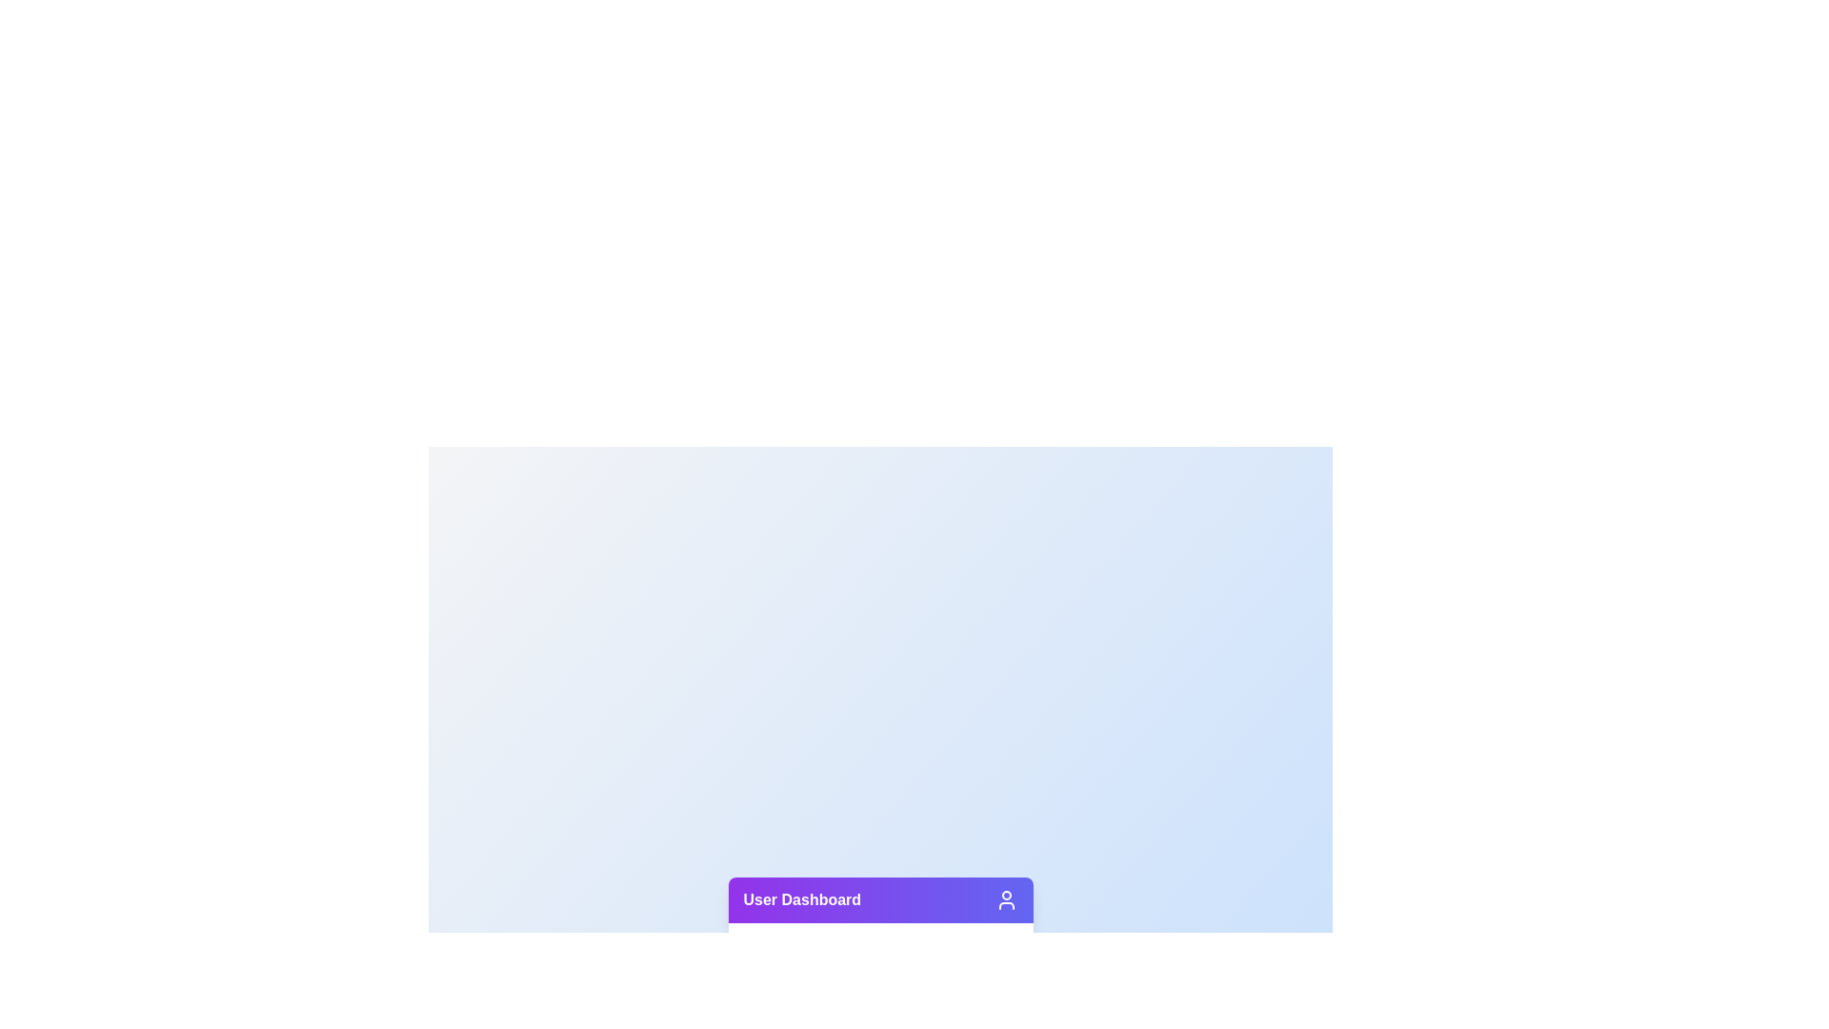 The height and width of the screenshot is (1029, 1829). What do you see at coordinates (802, 900) in the screenshot?
I see `the bold text label 'User Dashboard' styled in white text on a gradient background, located at the bottom left of the interface, near the user icon` at bounding box center [802, 900].